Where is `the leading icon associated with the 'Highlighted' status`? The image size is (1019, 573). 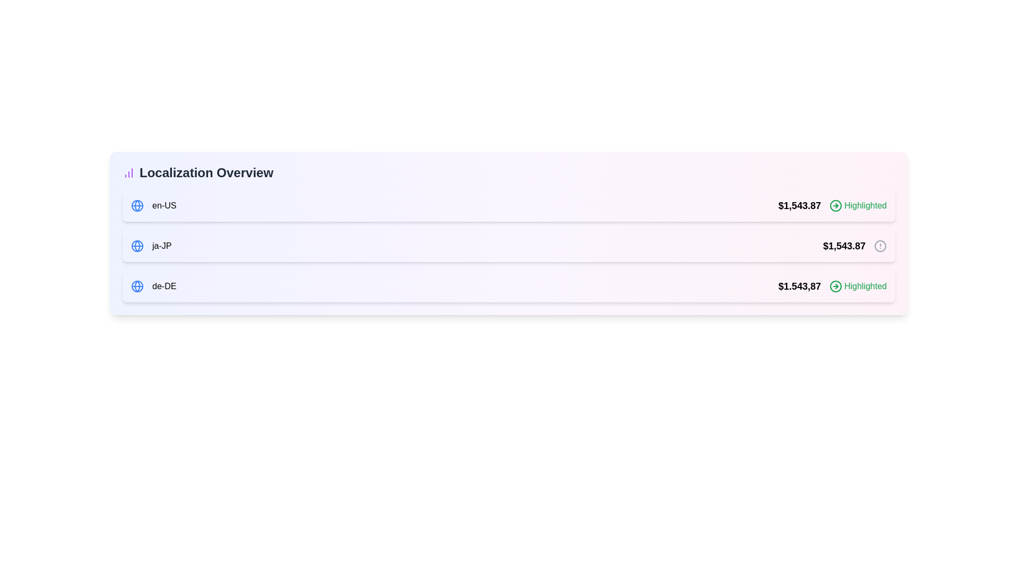 the leading icon associated with the 'Highlighted' status is located at coordinates (835, 286).